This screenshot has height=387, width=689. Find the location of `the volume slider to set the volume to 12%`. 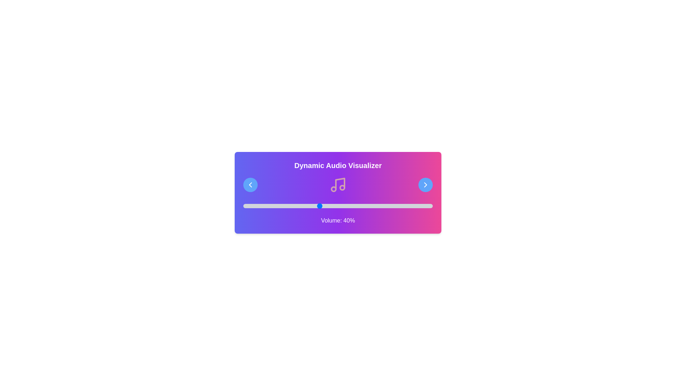

the volume slider to set the volume to 12% is located at coordinates (266, 206).